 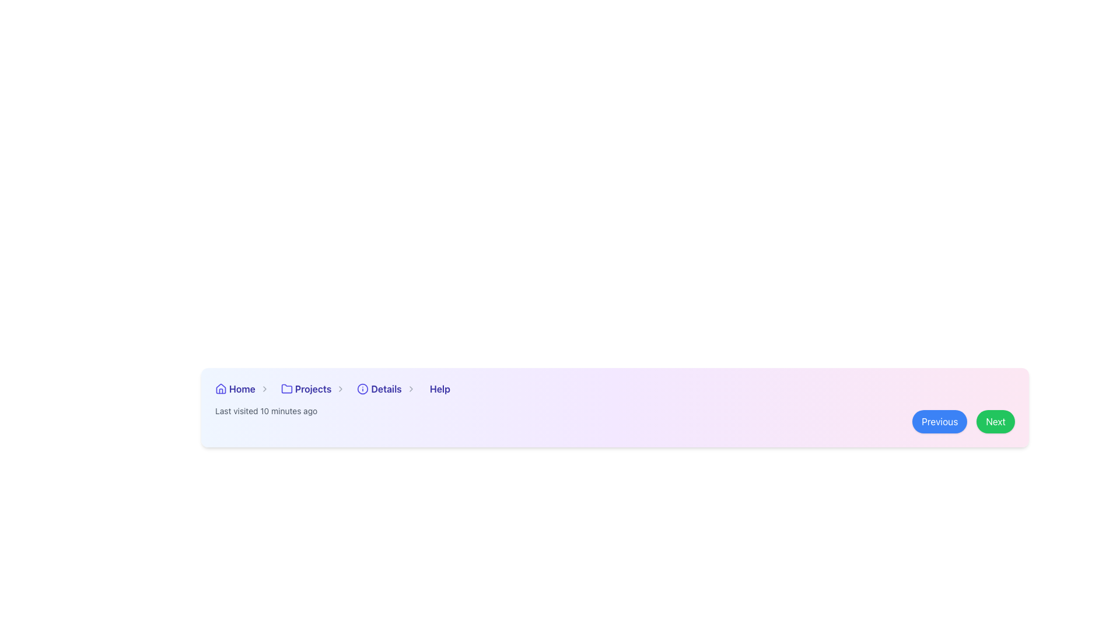 What do you see at coordinates (316, 389) in the screenshot?
I see `the 'Projects' Breadcrumb link, which is styled in indigo-blue and has a folder icon to its left` at bounding box center [316, 389].